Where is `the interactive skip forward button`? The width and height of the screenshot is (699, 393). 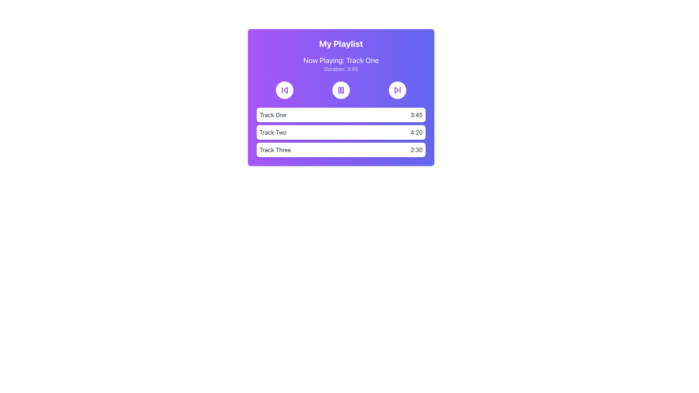 the interactive skip forward button is located at coordinates (397, 90).